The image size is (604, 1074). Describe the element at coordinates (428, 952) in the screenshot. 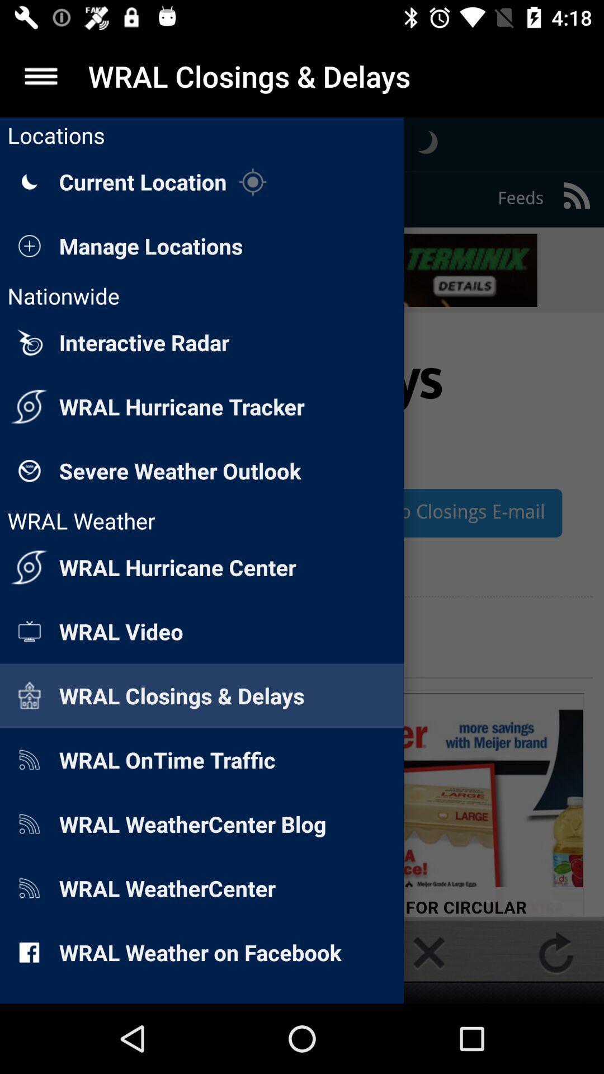

I see `the close icon` at that location.